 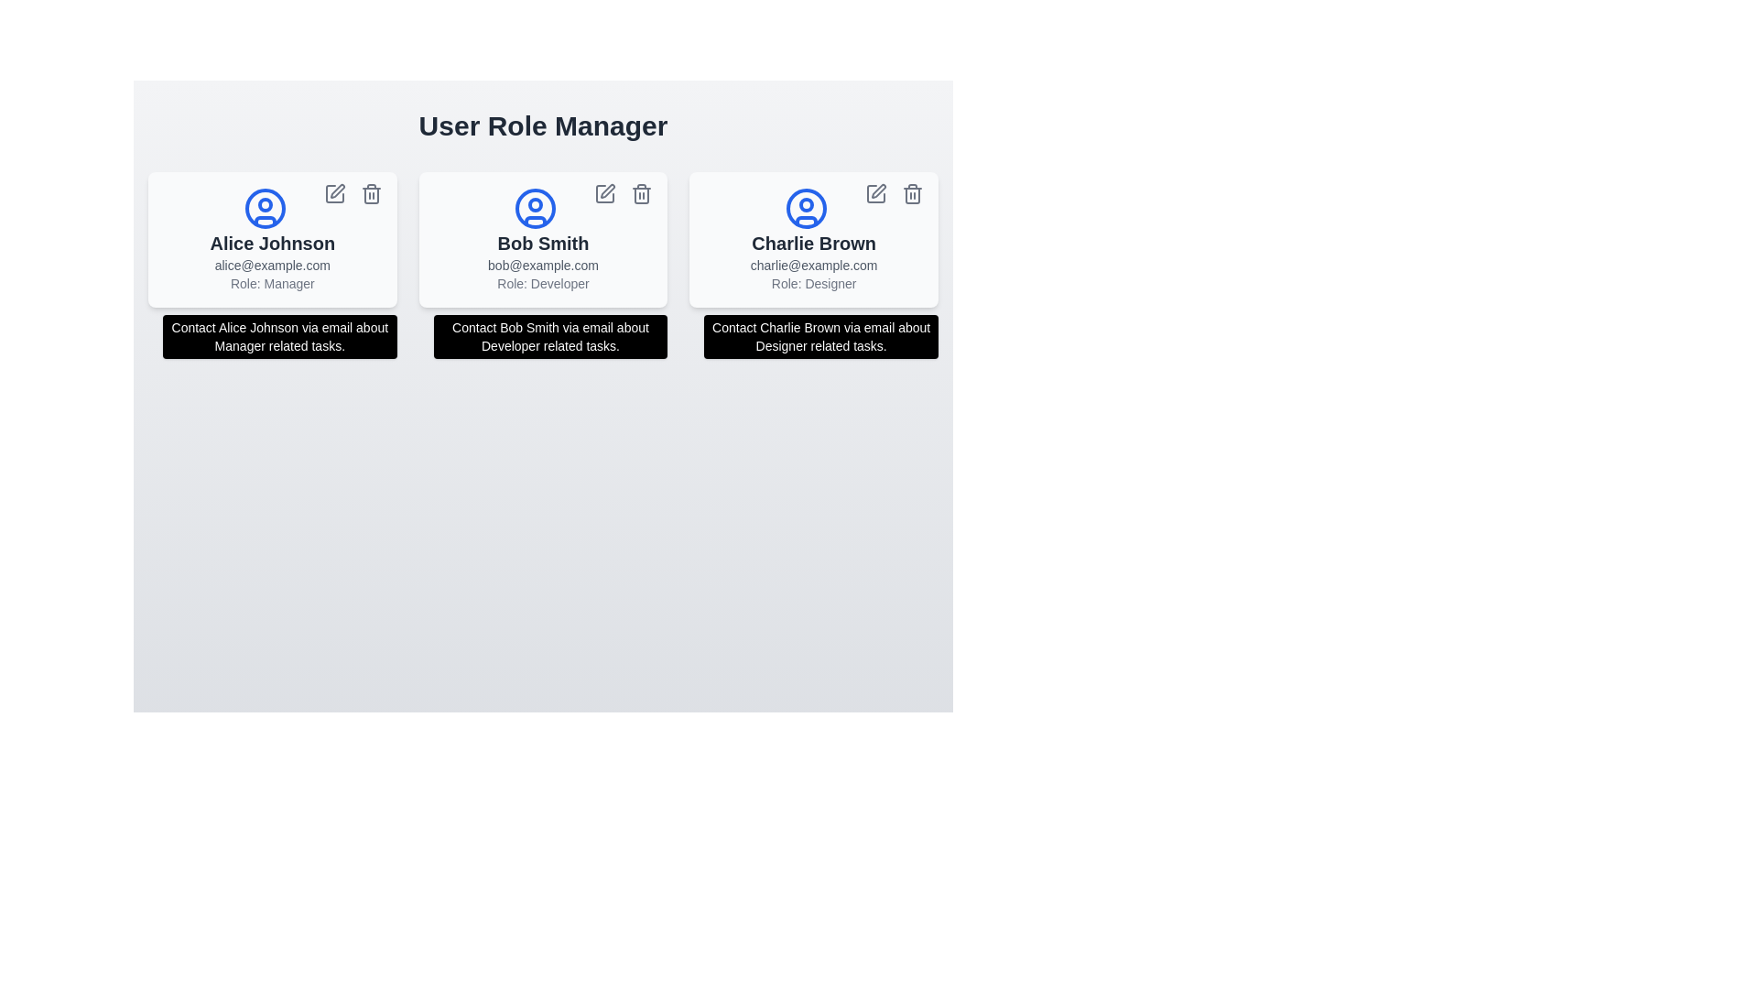 What do you see at coordinates (535, 207) in the screenshot?
I see `the innermost SVG Circle of the user profile icon titled 'Bob Smith', which is the second card in the row` at bounding box center [535, 207].